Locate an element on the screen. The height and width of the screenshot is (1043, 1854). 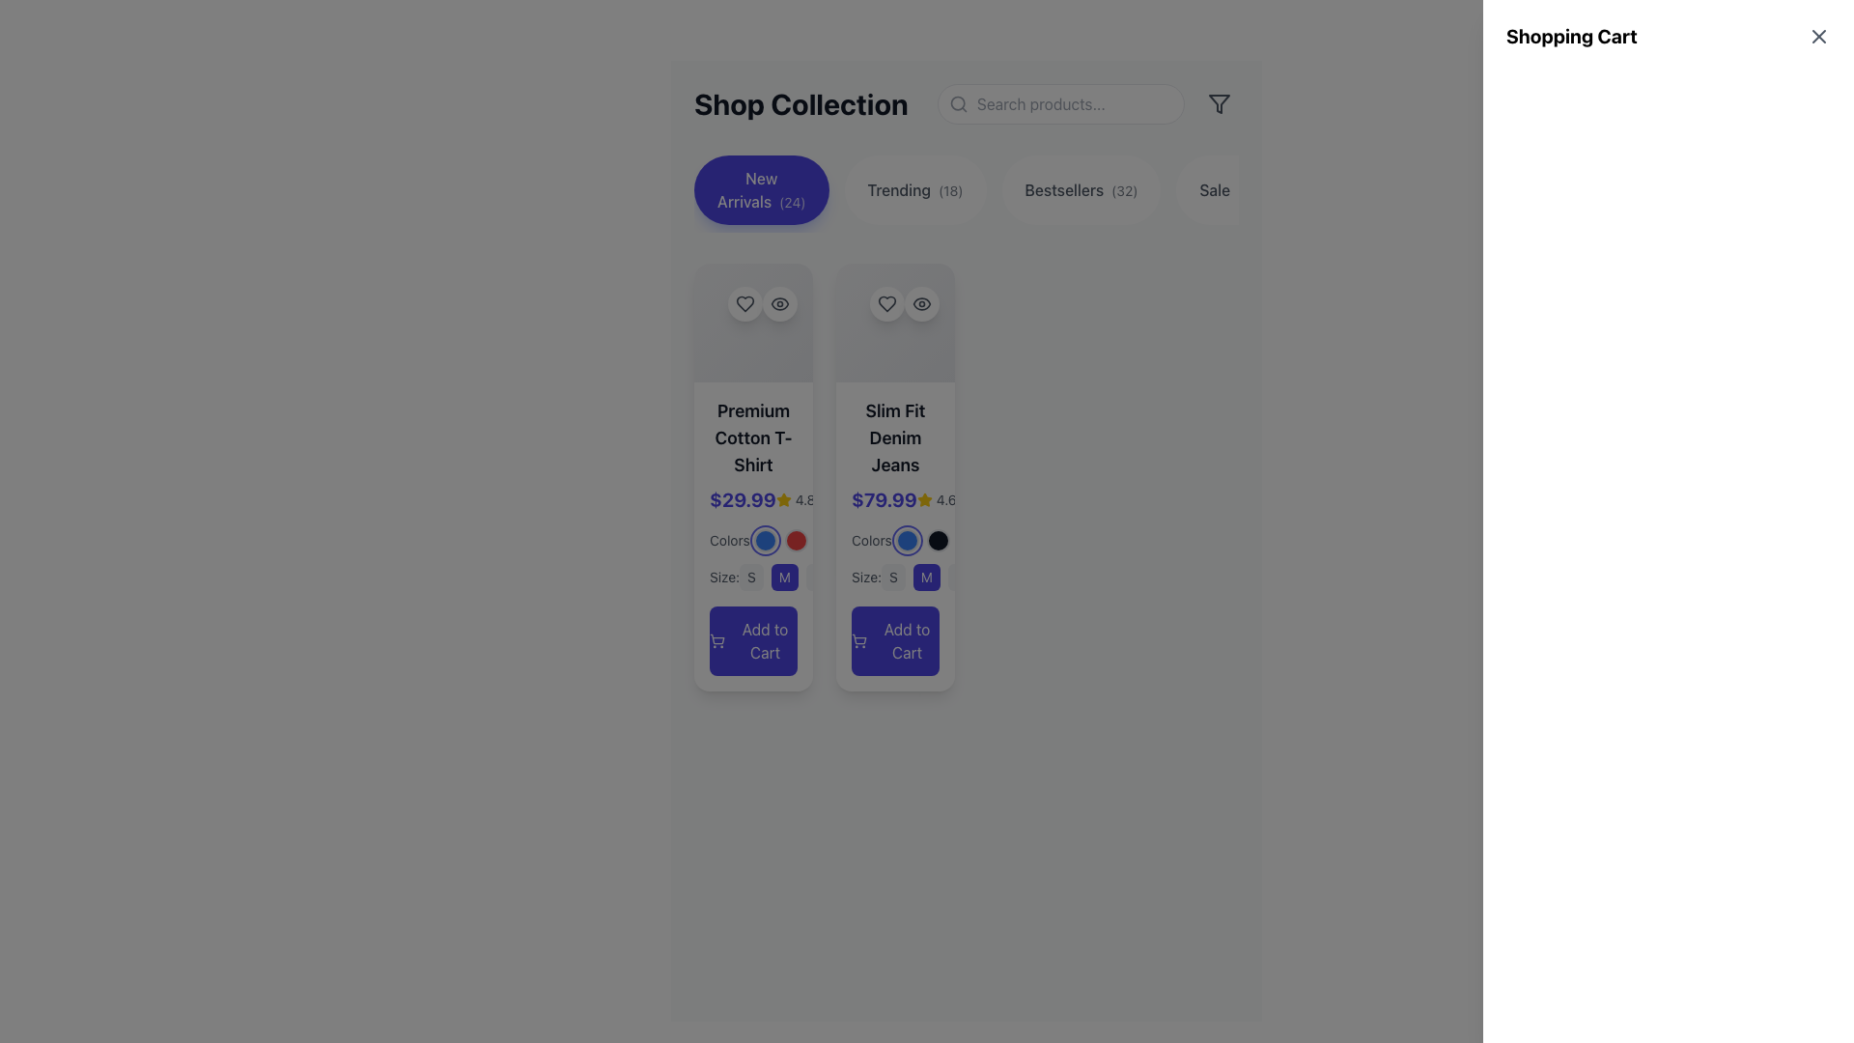
the static text displaying the number '(24)' which is positioned immediately to the right of 'New Arrivals' within the button labeled 'New Arrivals(24)' is located at coordinates (792, 202).